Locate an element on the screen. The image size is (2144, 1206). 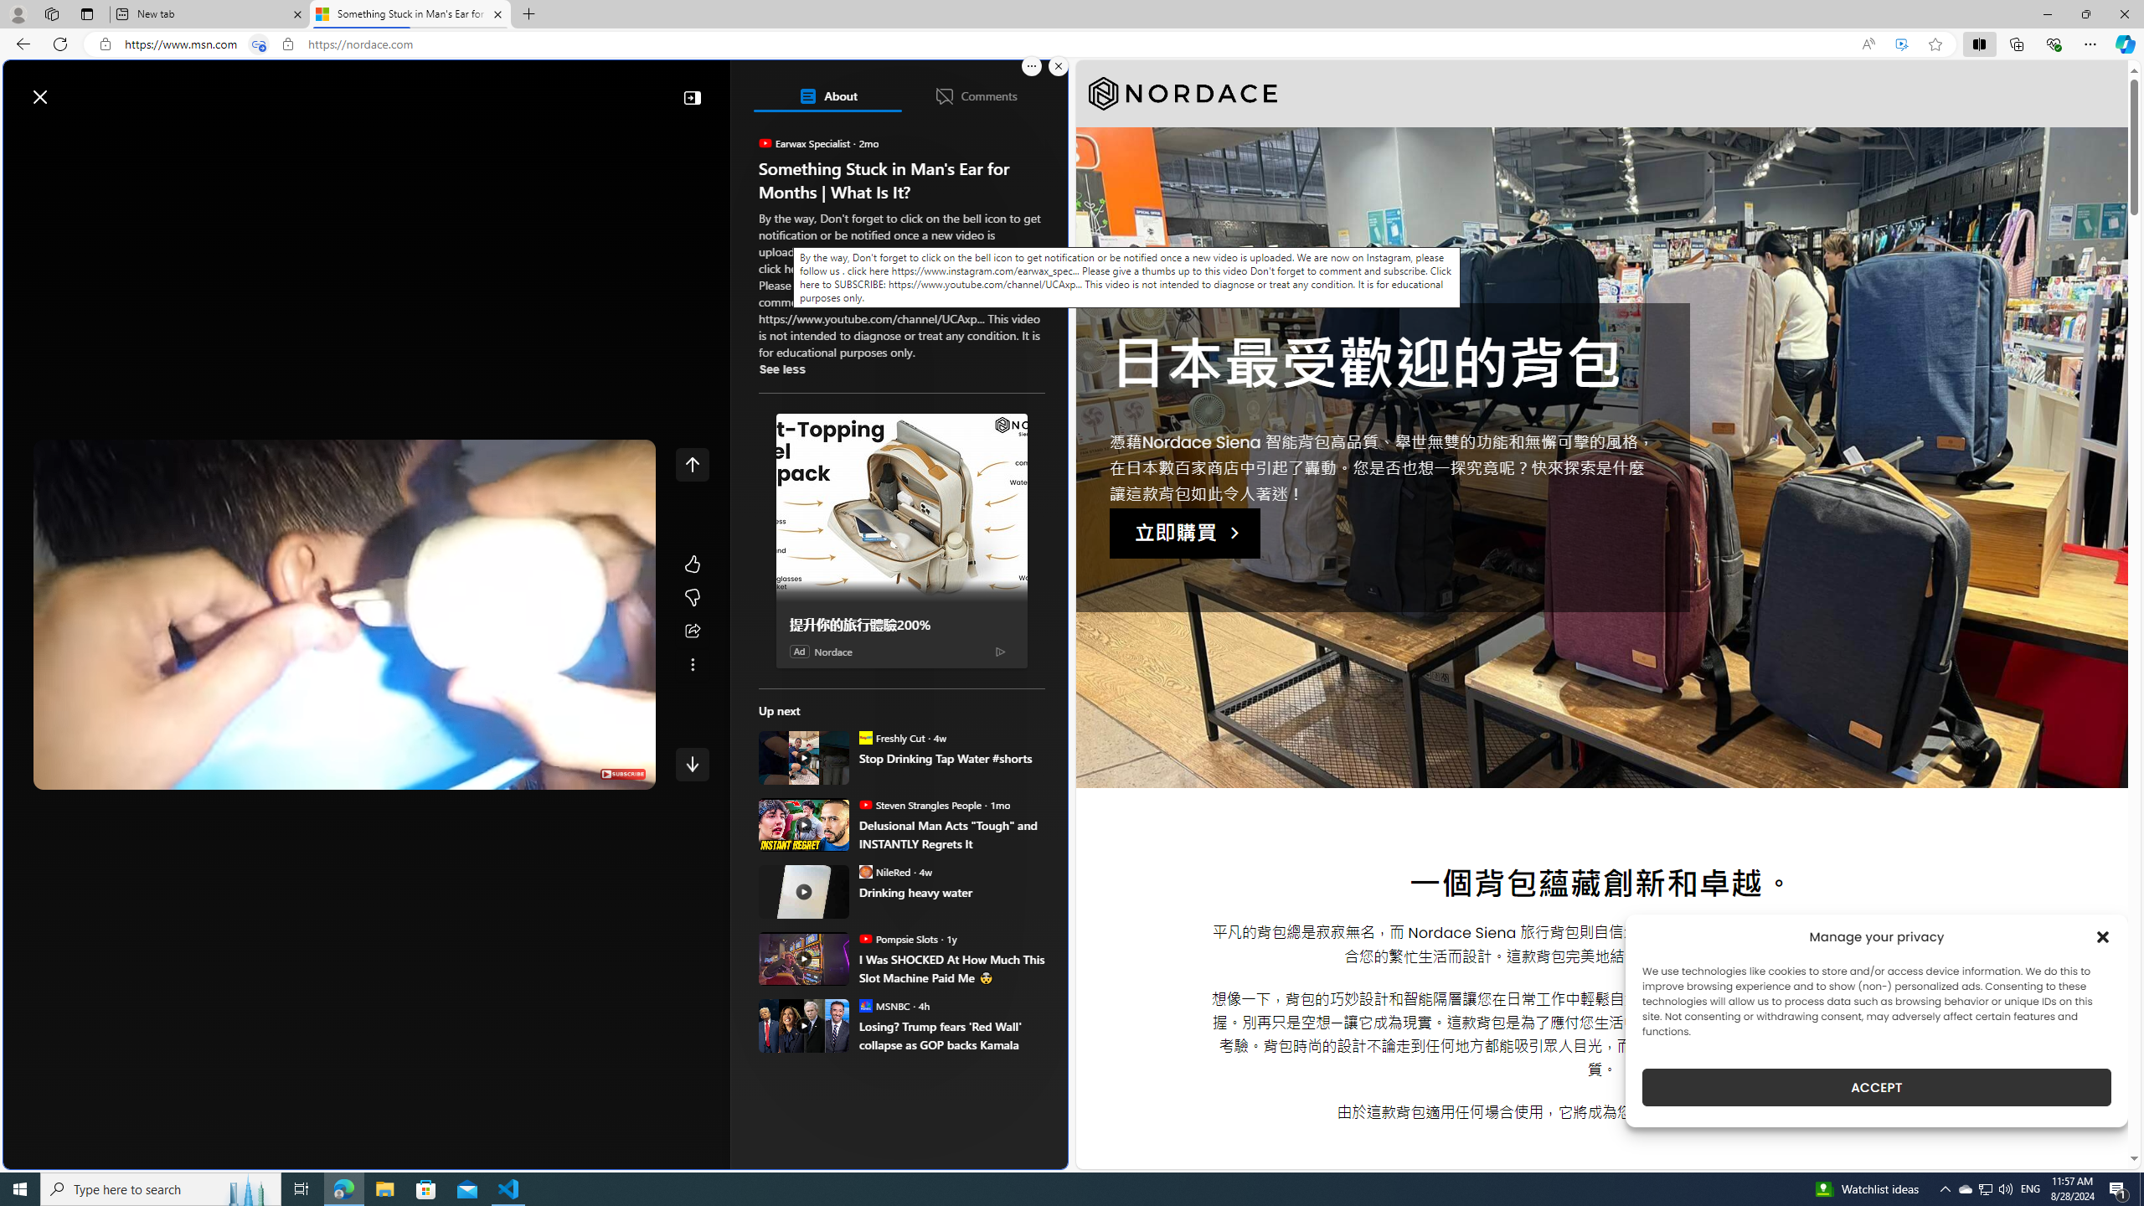
'Open settings' is located at coordinates (1031, 89).